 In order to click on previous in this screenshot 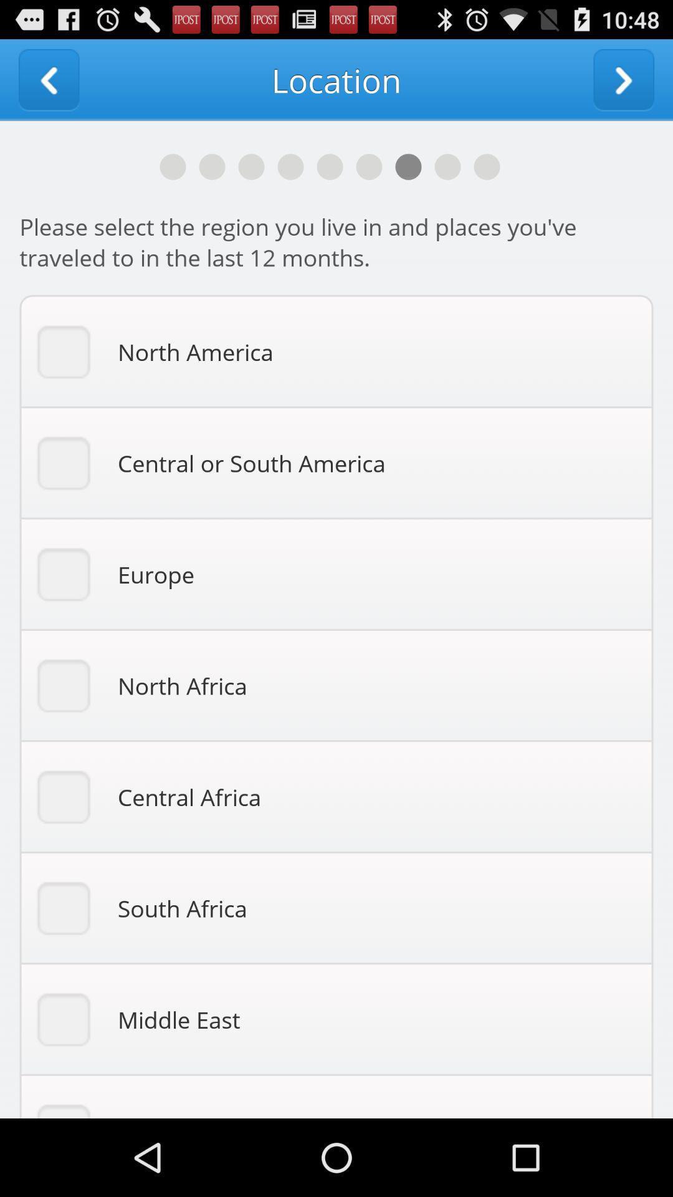, I will do `click(48, 79)`.